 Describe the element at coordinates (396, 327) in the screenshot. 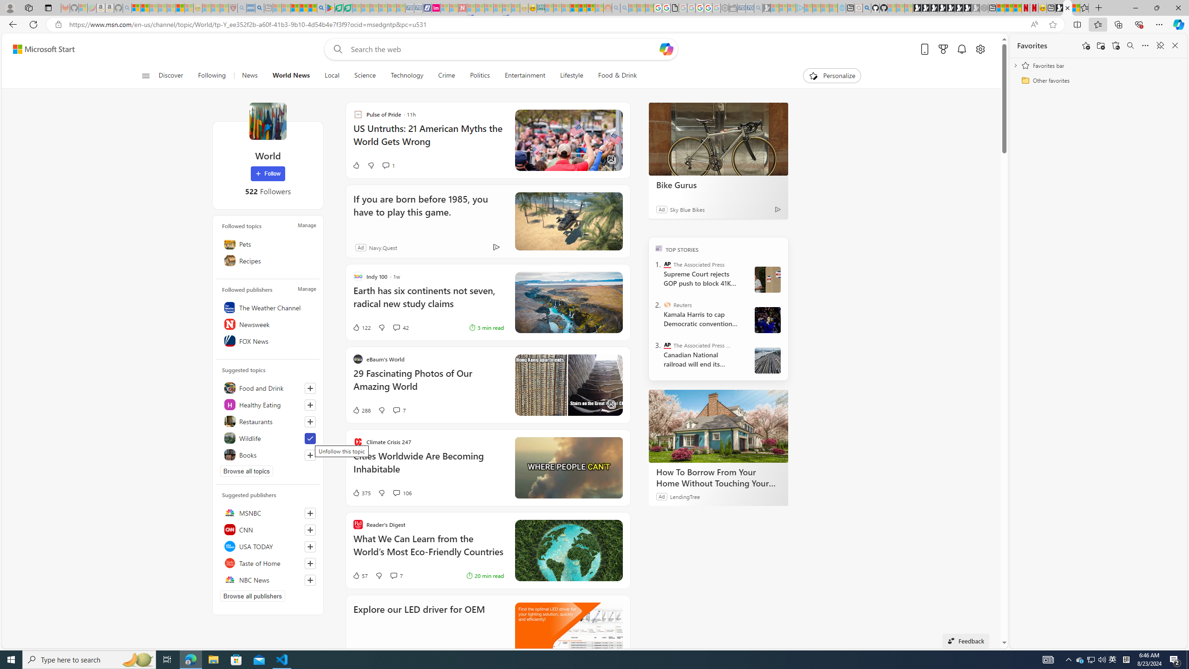

I see `'View comments 42 Comment'` at that location.